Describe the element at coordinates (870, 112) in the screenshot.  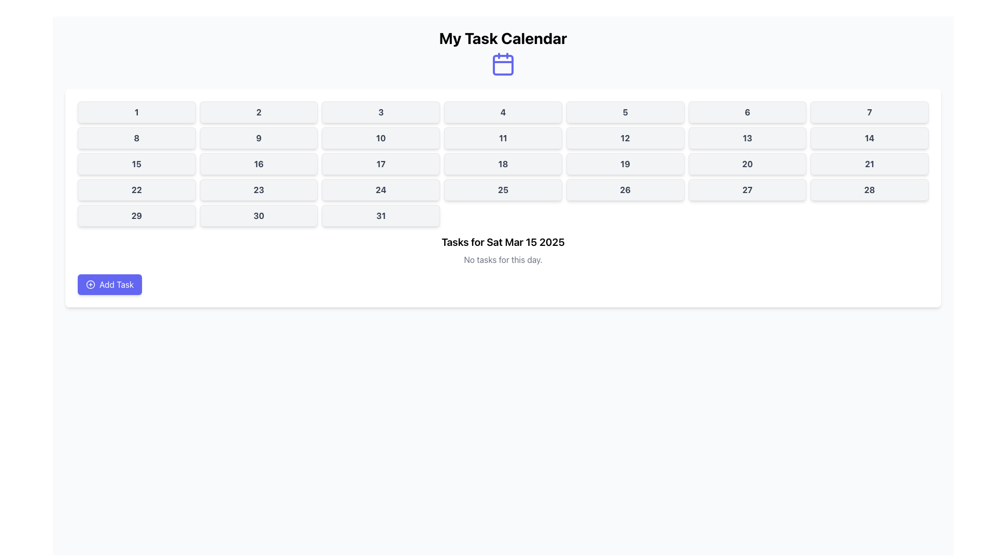
I see `the rectangular button with rounded corners and bold black text '7'` at that location.